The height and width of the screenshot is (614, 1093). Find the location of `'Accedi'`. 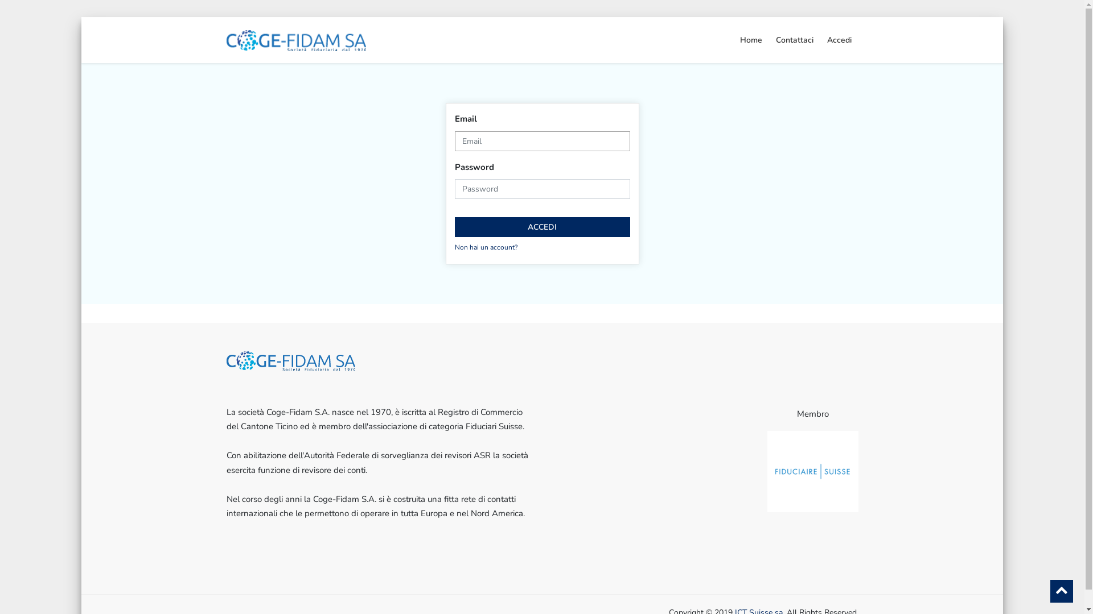

'Accedi' is located at coordinates (820, 39).